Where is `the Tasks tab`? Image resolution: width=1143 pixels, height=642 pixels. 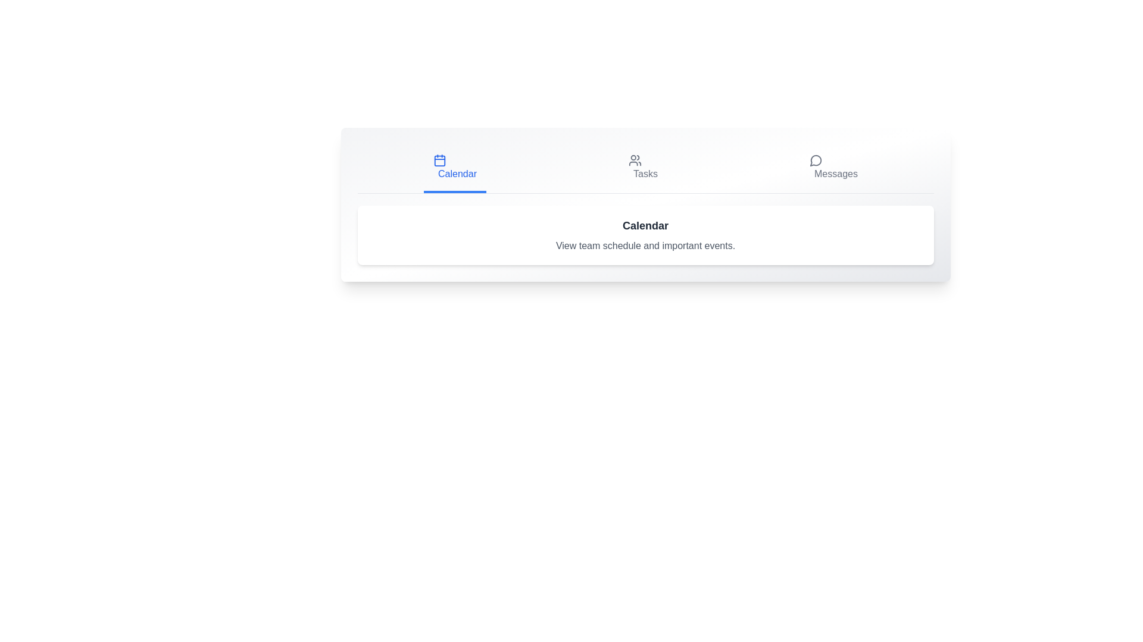 the Tasks tab is located at coordinates (642, 169).